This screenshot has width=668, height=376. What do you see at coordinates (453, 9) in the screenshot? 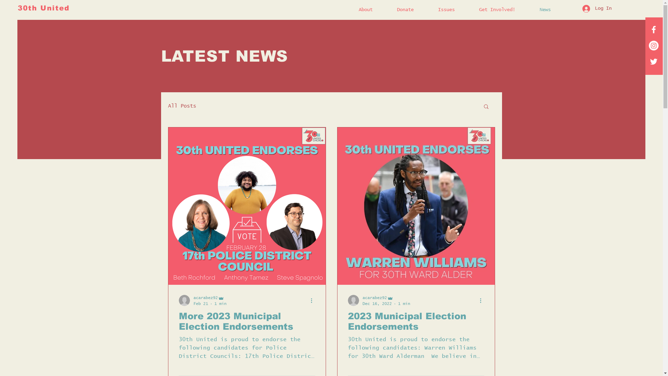
I see `'Issues'` at bounding box center [453, 9].